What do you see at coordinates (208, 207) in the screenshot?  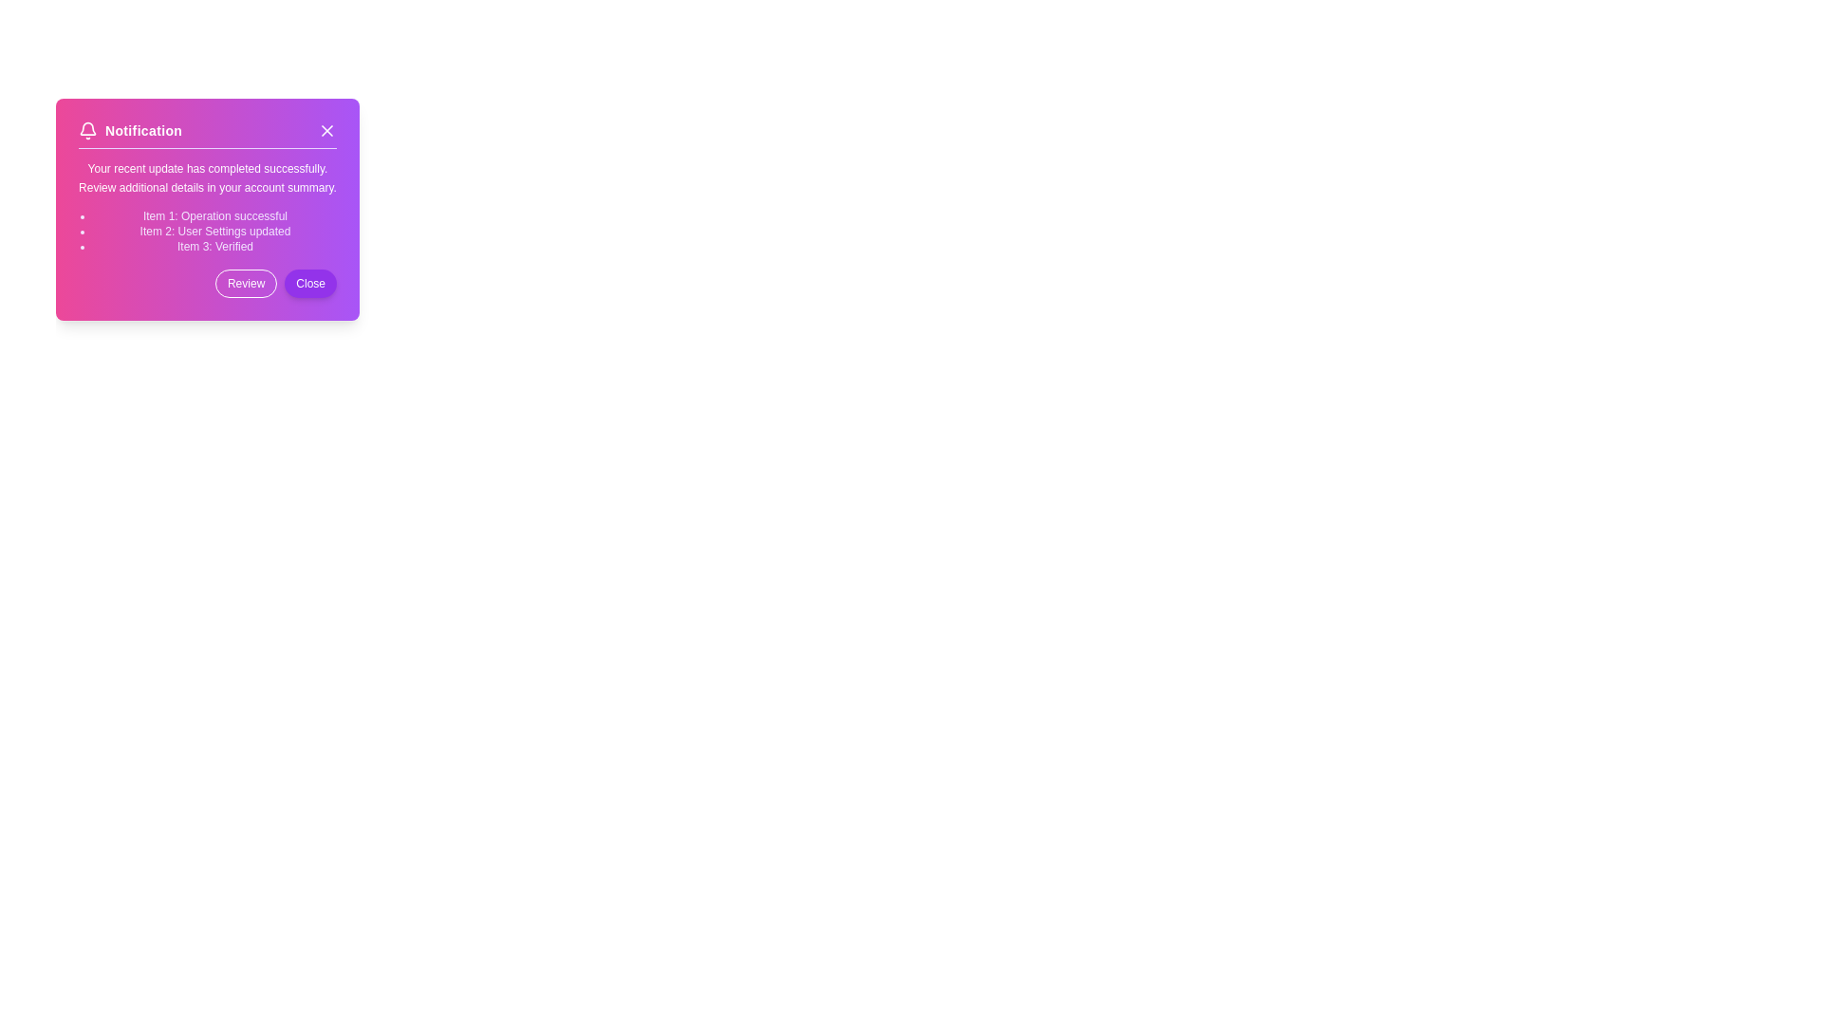 I see `the Static Text Content that provides notification messages about updates or completed operations, located below the title 'Notification' and above the 'Review' and 'Close' buttons` at bounding box center [208, 207].